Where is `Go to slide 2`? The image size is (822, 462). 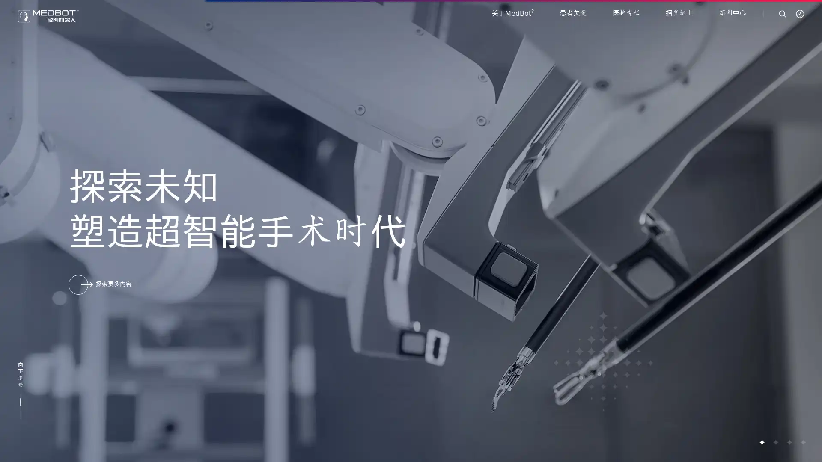
Go to slide 2 is located at coordinates (775, 442).